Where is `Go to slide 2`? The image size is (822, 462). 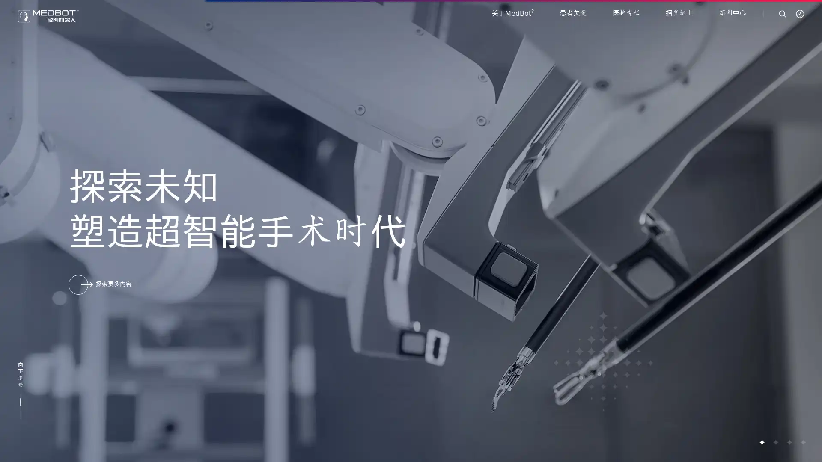
Go to slide 2 is located at coordinates (775, 442).